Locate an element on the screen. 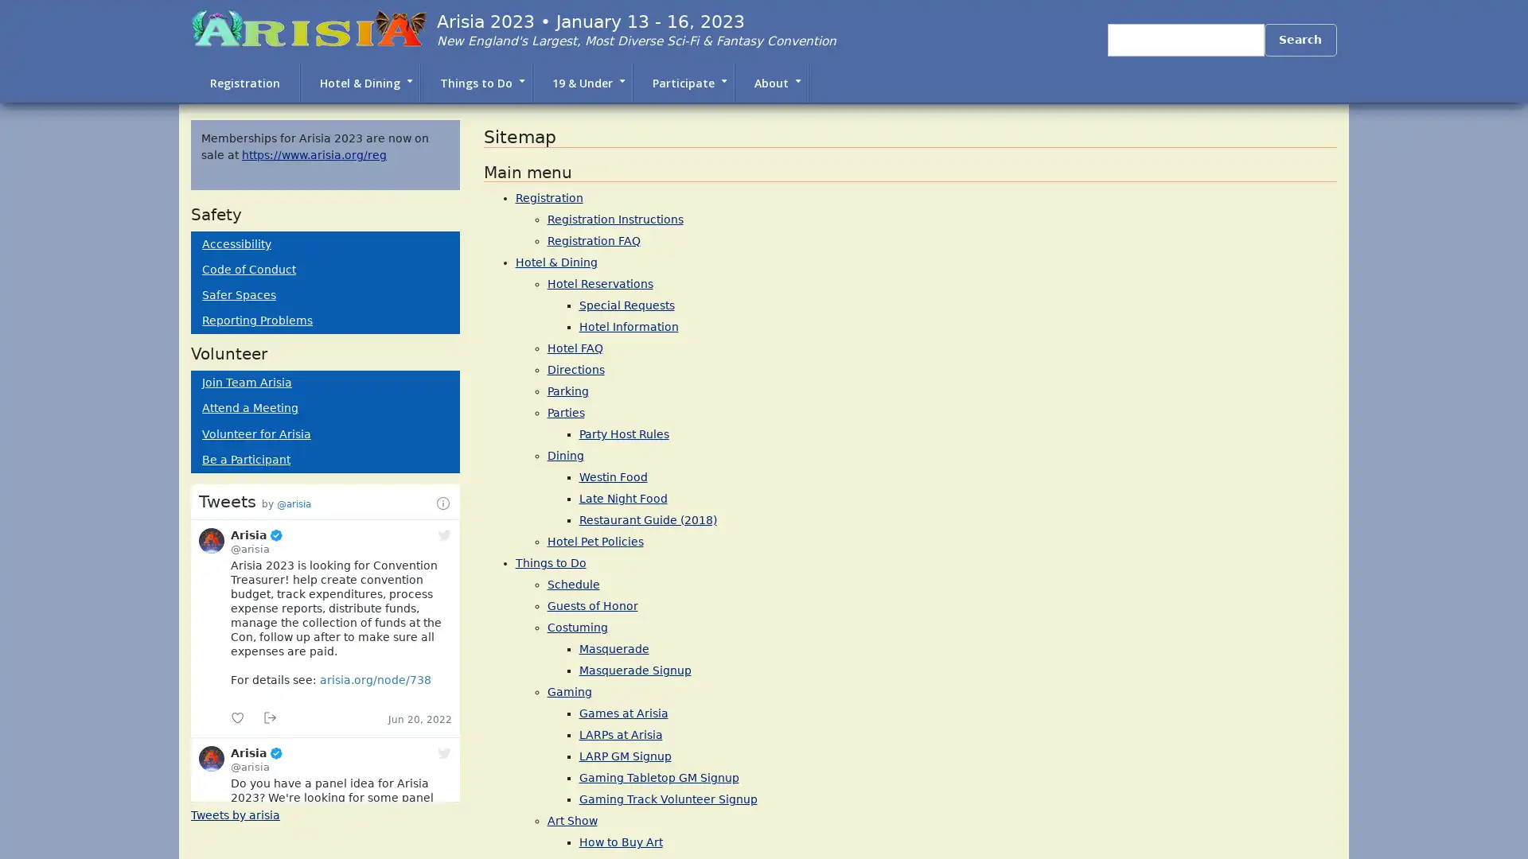  Search is located at coordinates (1300, 39).